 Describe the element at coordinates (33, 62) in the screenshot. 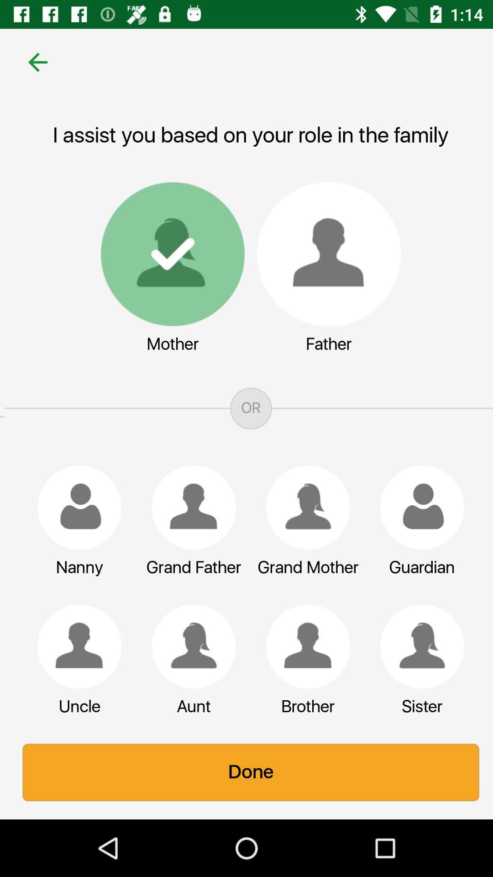

I see `icon at the top left corner` at that location.